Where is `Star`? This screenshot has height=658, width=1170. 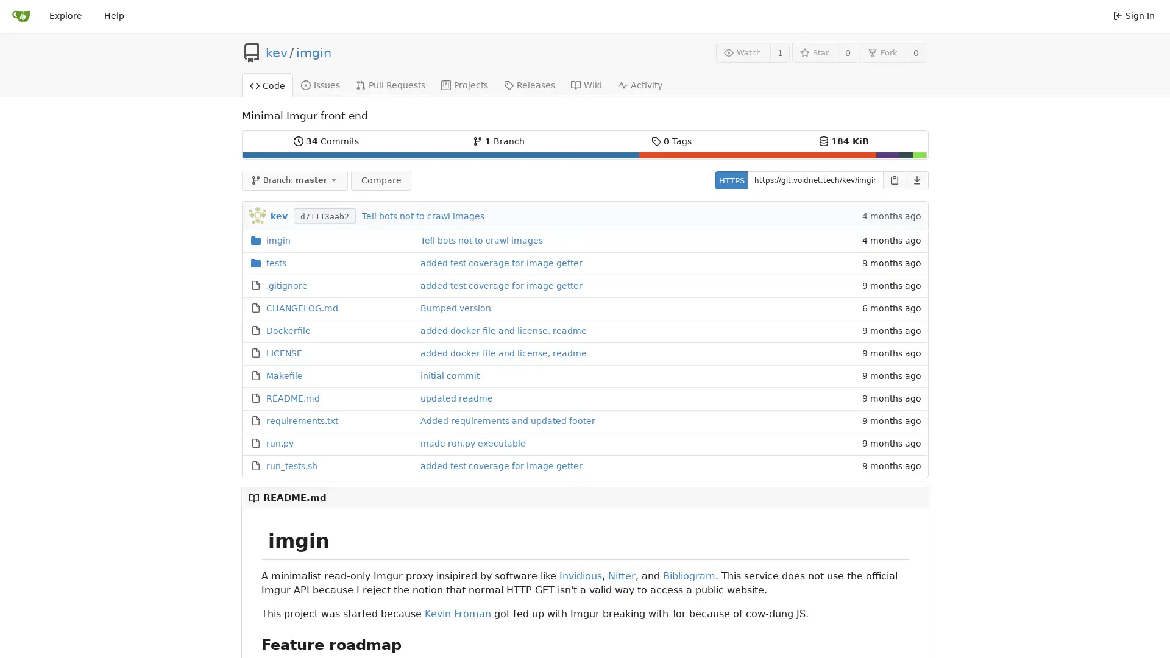
Star is located at coordinates (815, 52).